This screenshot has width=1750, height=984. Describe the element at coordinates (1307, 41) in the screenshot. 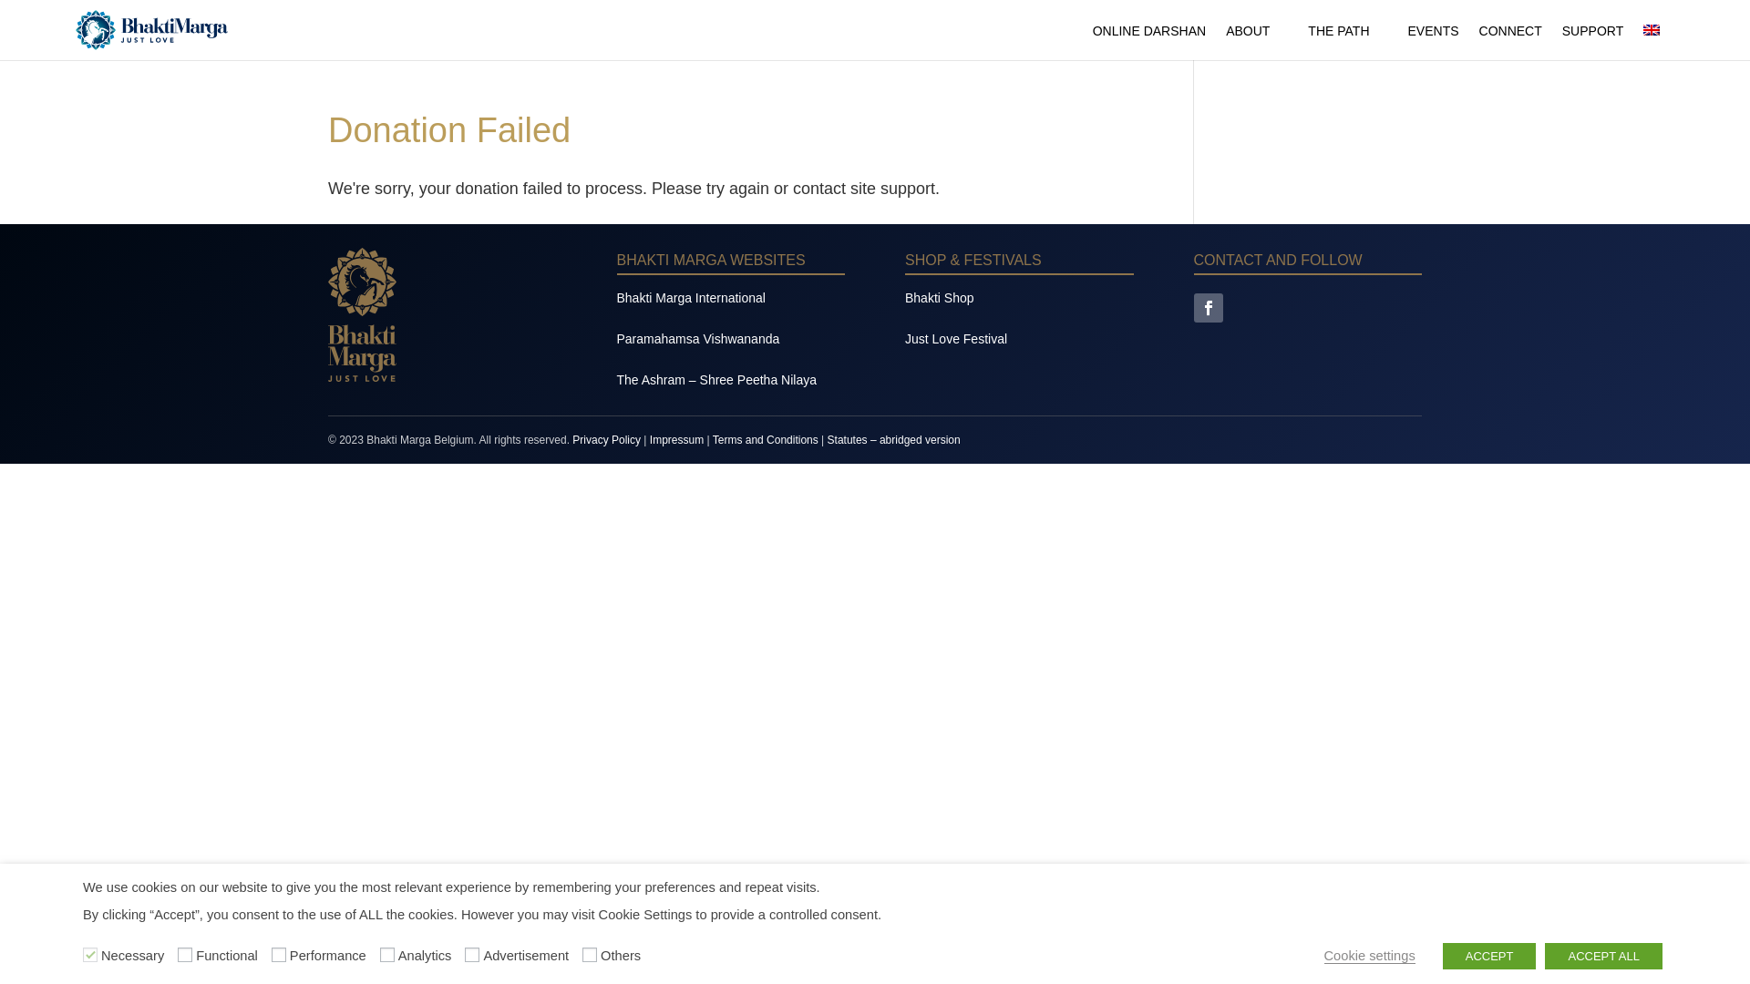

I see `'THE PATH'` at that location.